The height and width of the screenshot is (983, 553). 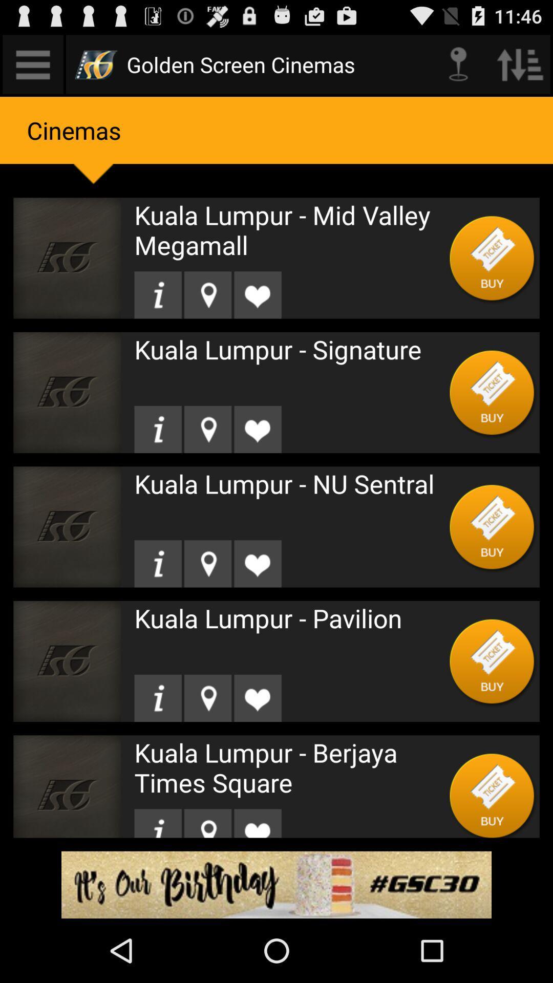 What do you see at coordinates (32, 63) in the screenshot?
I see `open minute` at bounding box center [32, 63].